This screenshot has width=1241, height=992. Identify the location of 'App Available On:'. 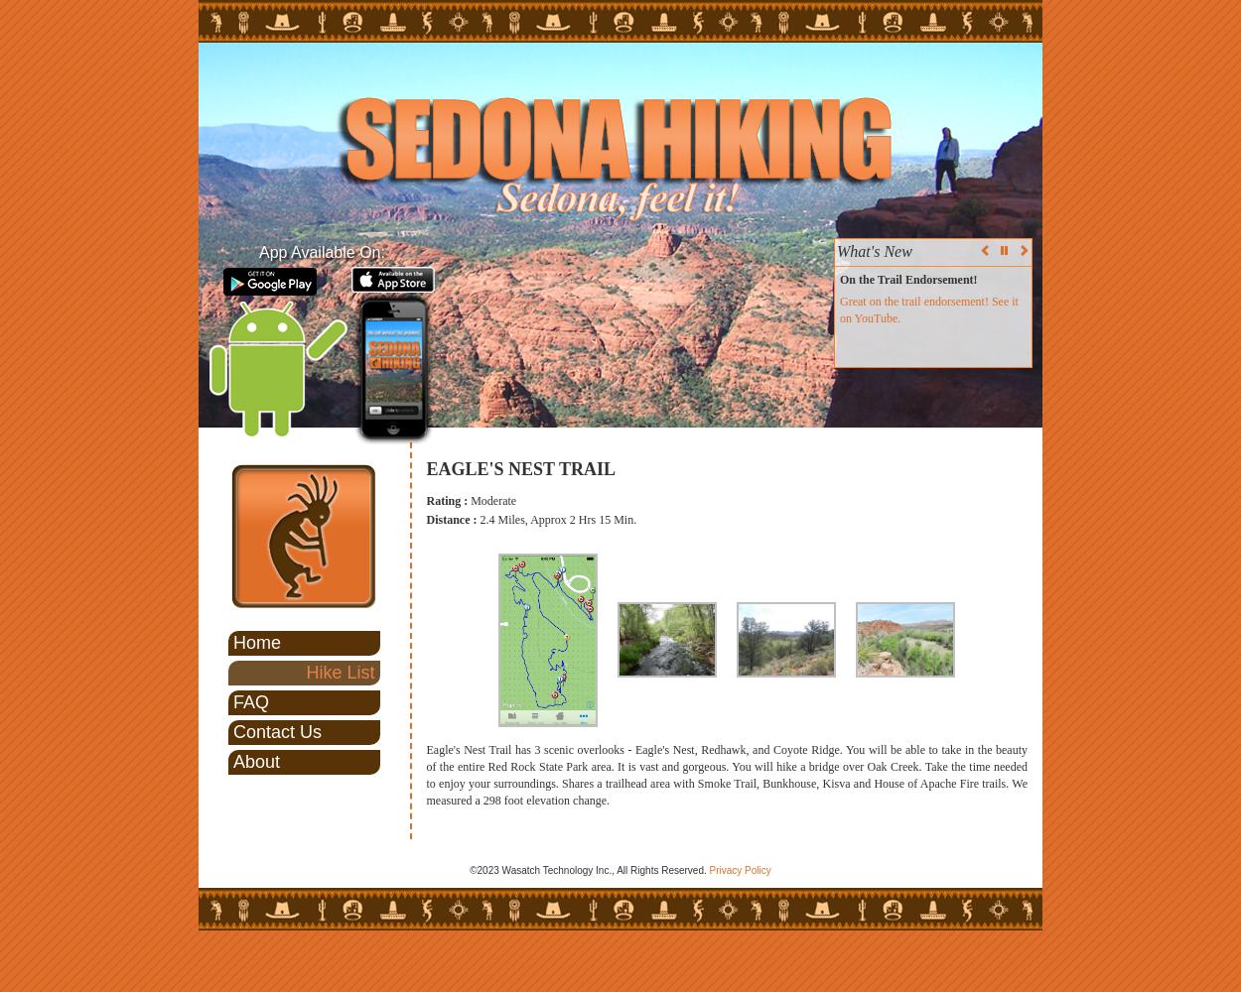
(321, 252).